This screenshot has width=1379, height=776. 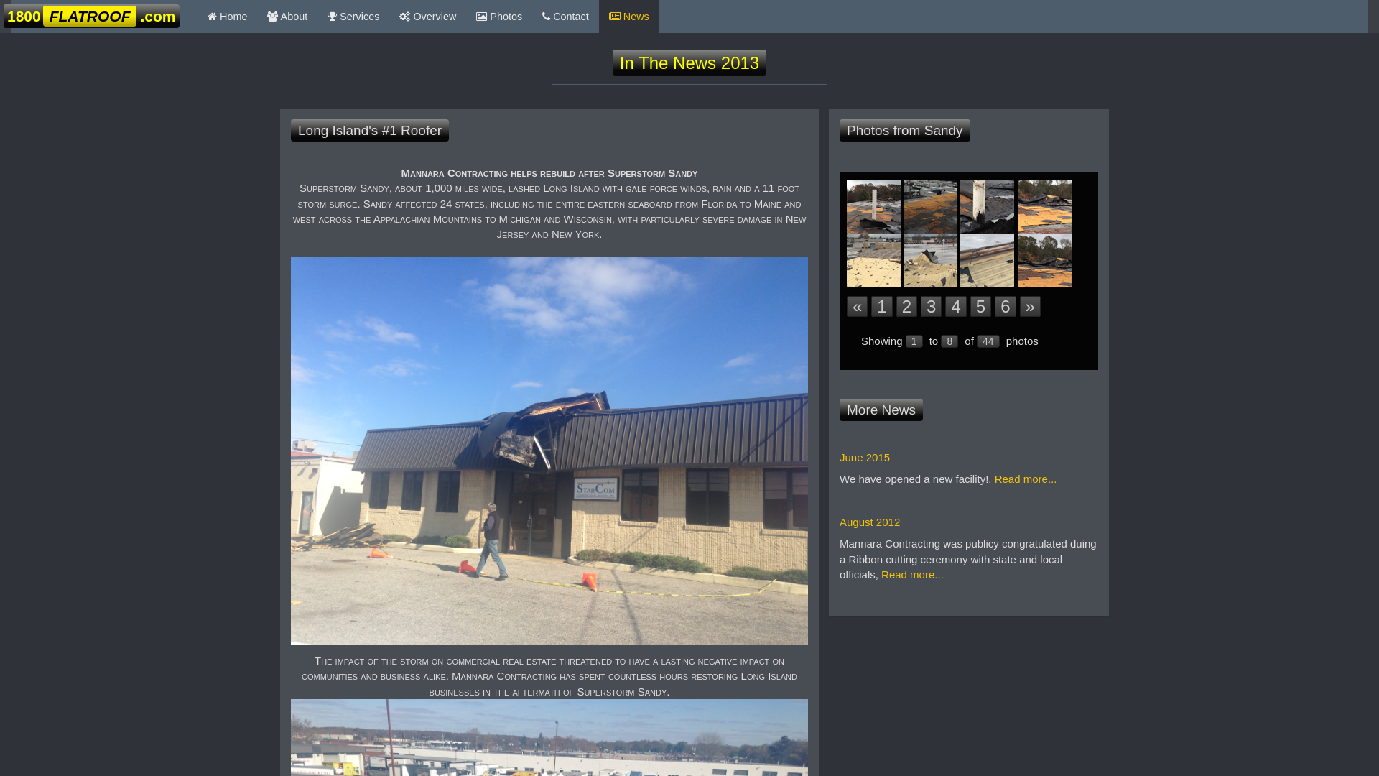 I want to click on '1800Flatroof.com on the  job', so click(x=960, y=259).